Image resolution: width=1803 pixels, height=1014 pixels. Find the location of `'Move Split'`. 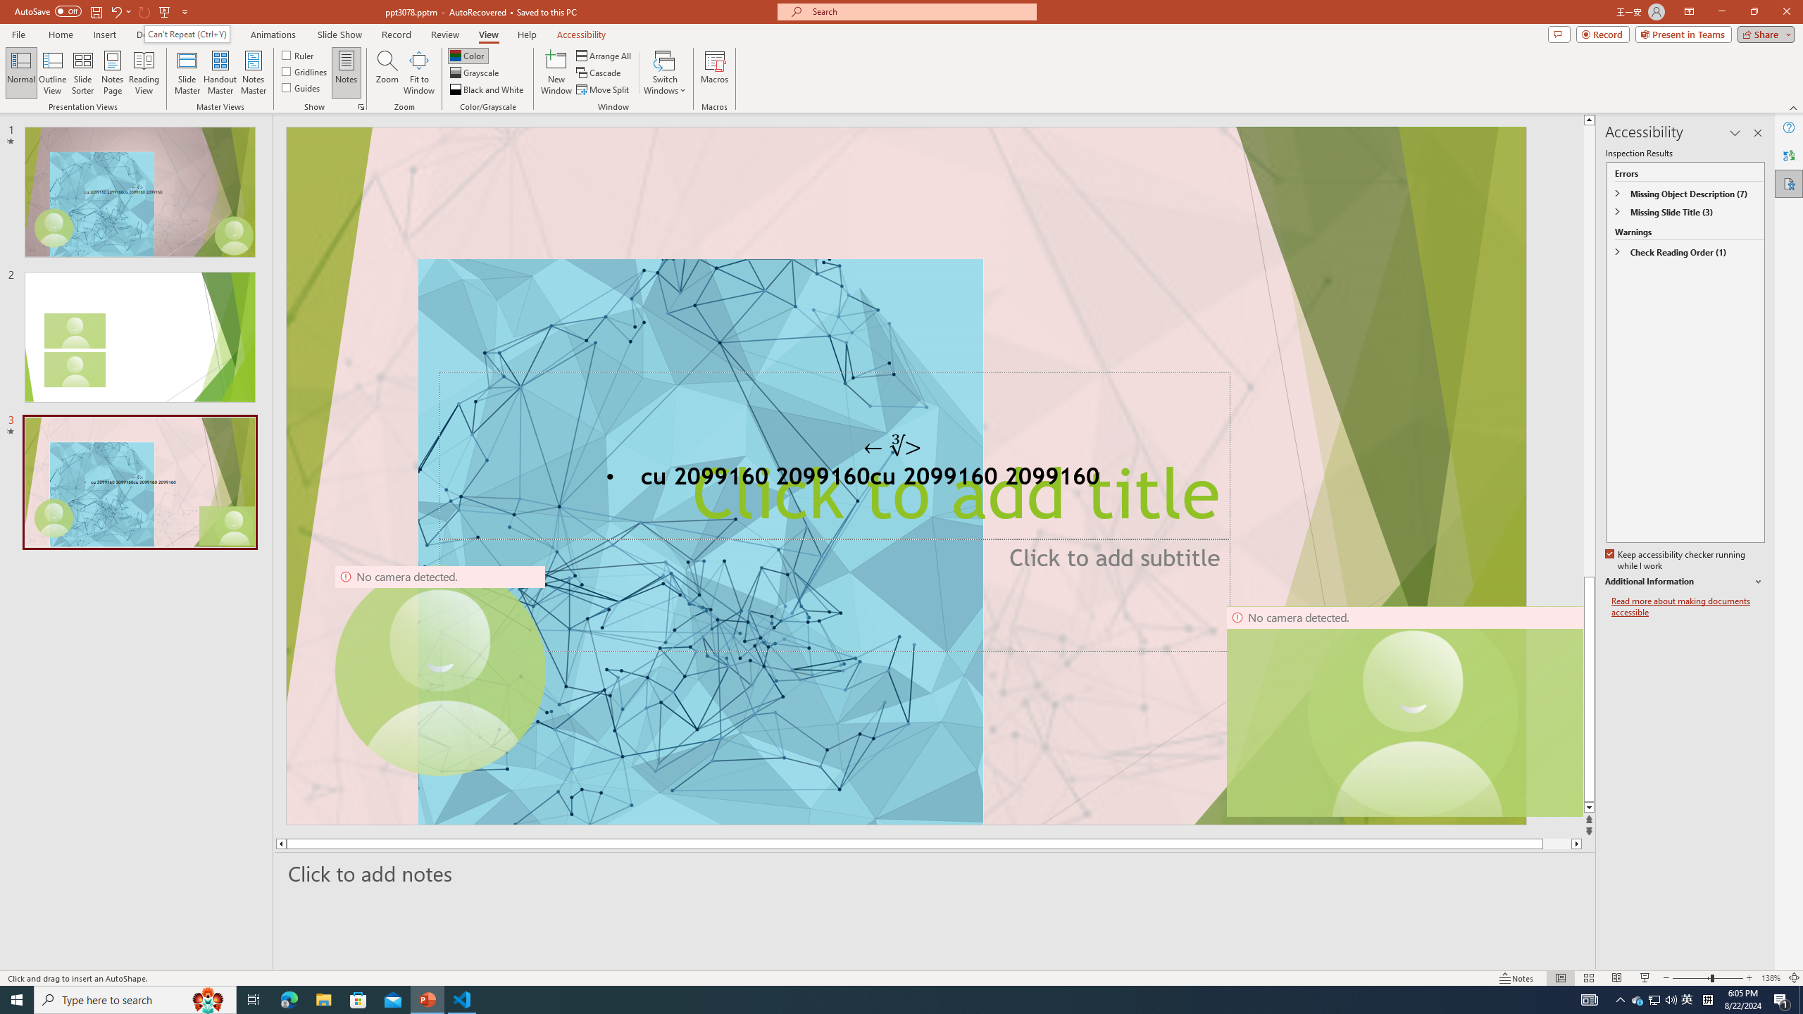

'Move Split' is located at coordinates (603, 89).